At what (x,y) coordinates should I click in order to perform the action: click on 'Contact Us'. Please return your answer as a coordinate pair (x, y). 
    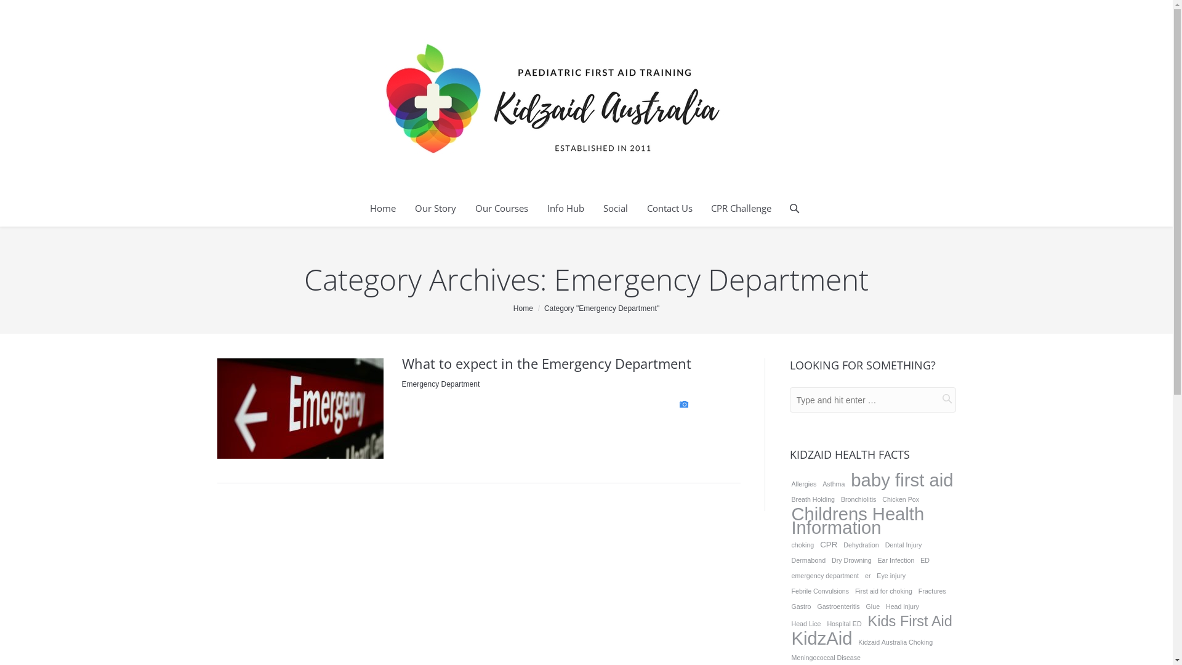
    Looking at the image, I should click on (669, 208).